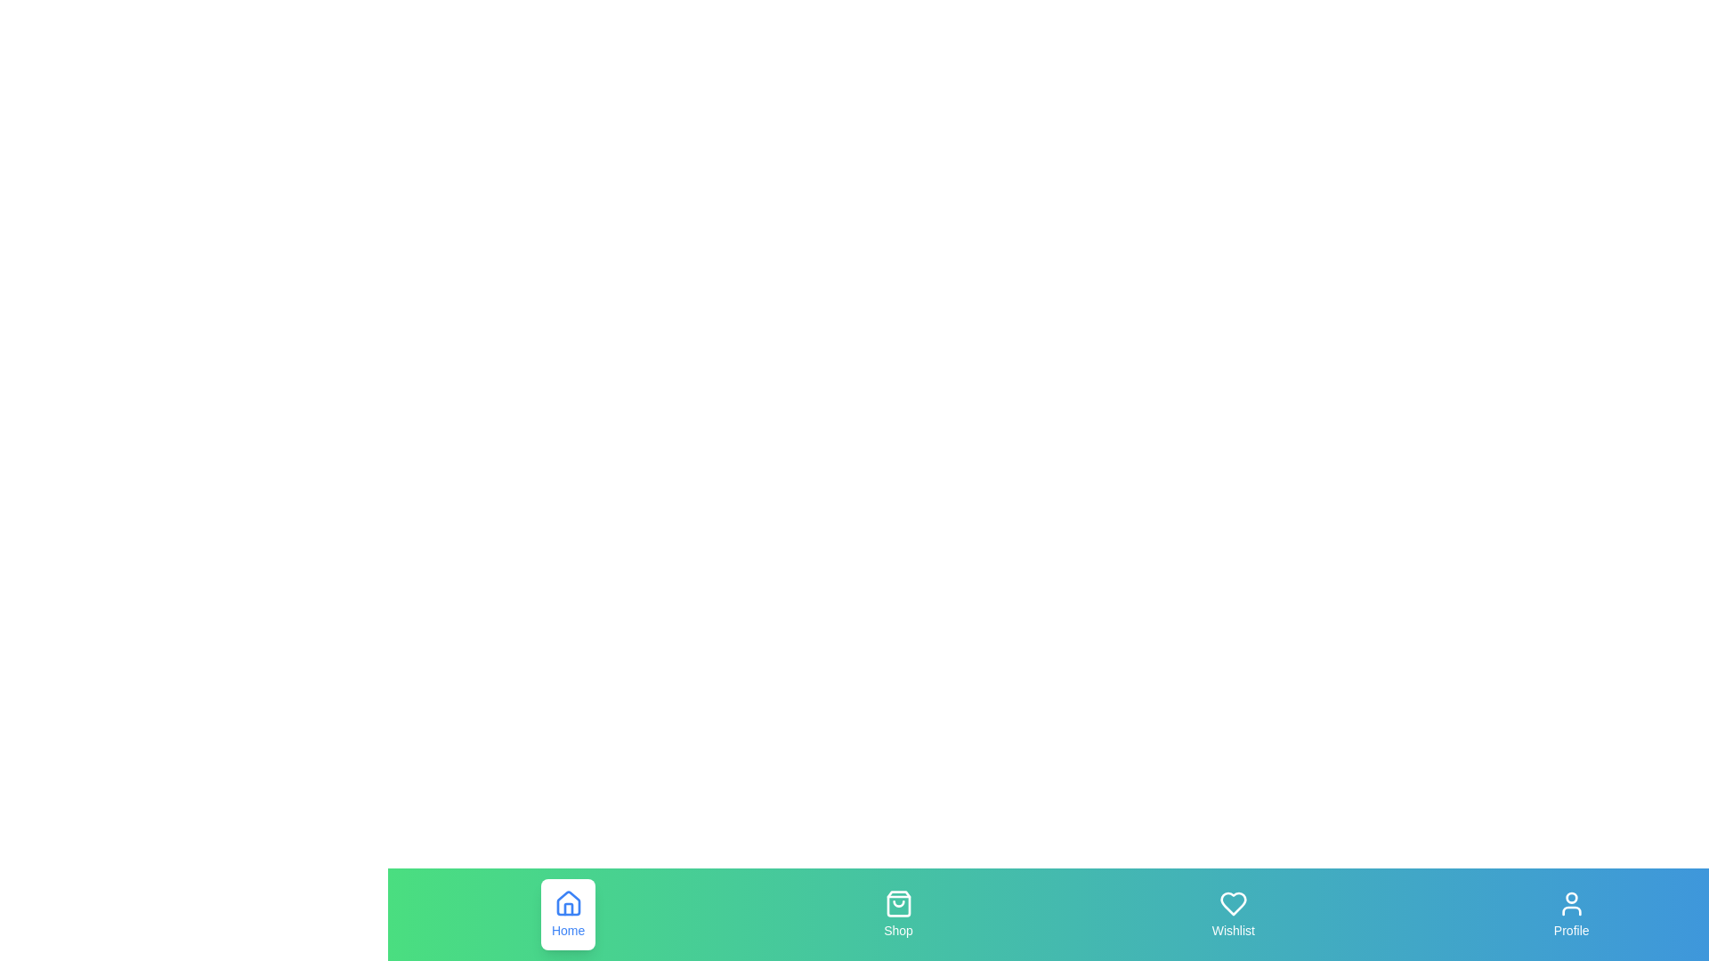 This screenshot has width=1709, height=961. Describe the element at coordinates (1571, 915) in the screenshot. I see `the tab labeled Profile to observe the animation effect` at that location.